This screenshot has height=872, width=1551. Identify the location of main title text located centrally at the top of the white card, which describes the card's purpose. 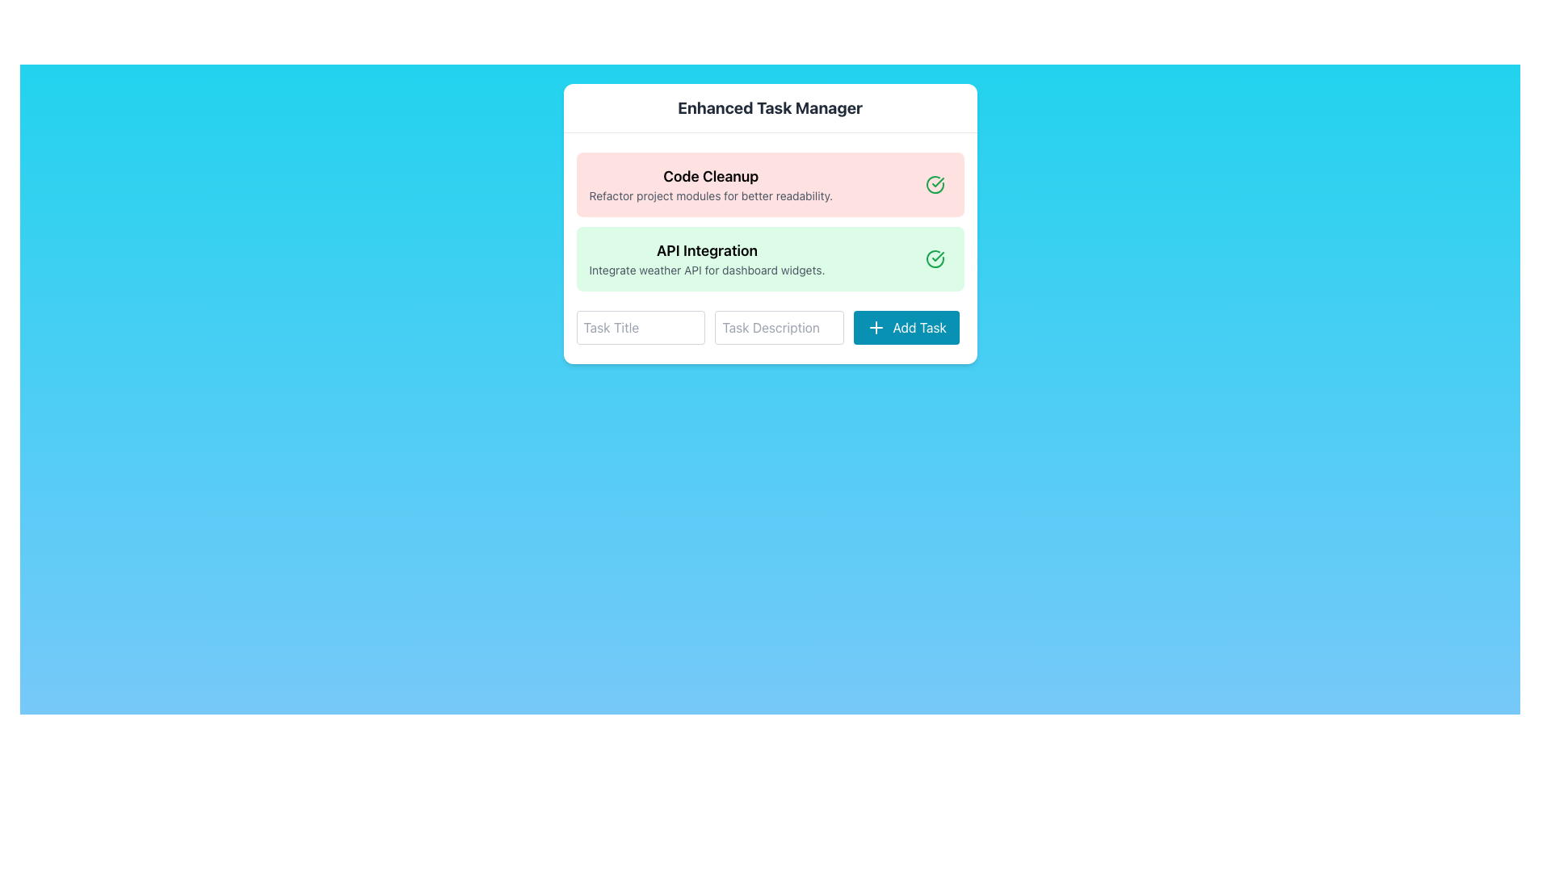
(769, 108).